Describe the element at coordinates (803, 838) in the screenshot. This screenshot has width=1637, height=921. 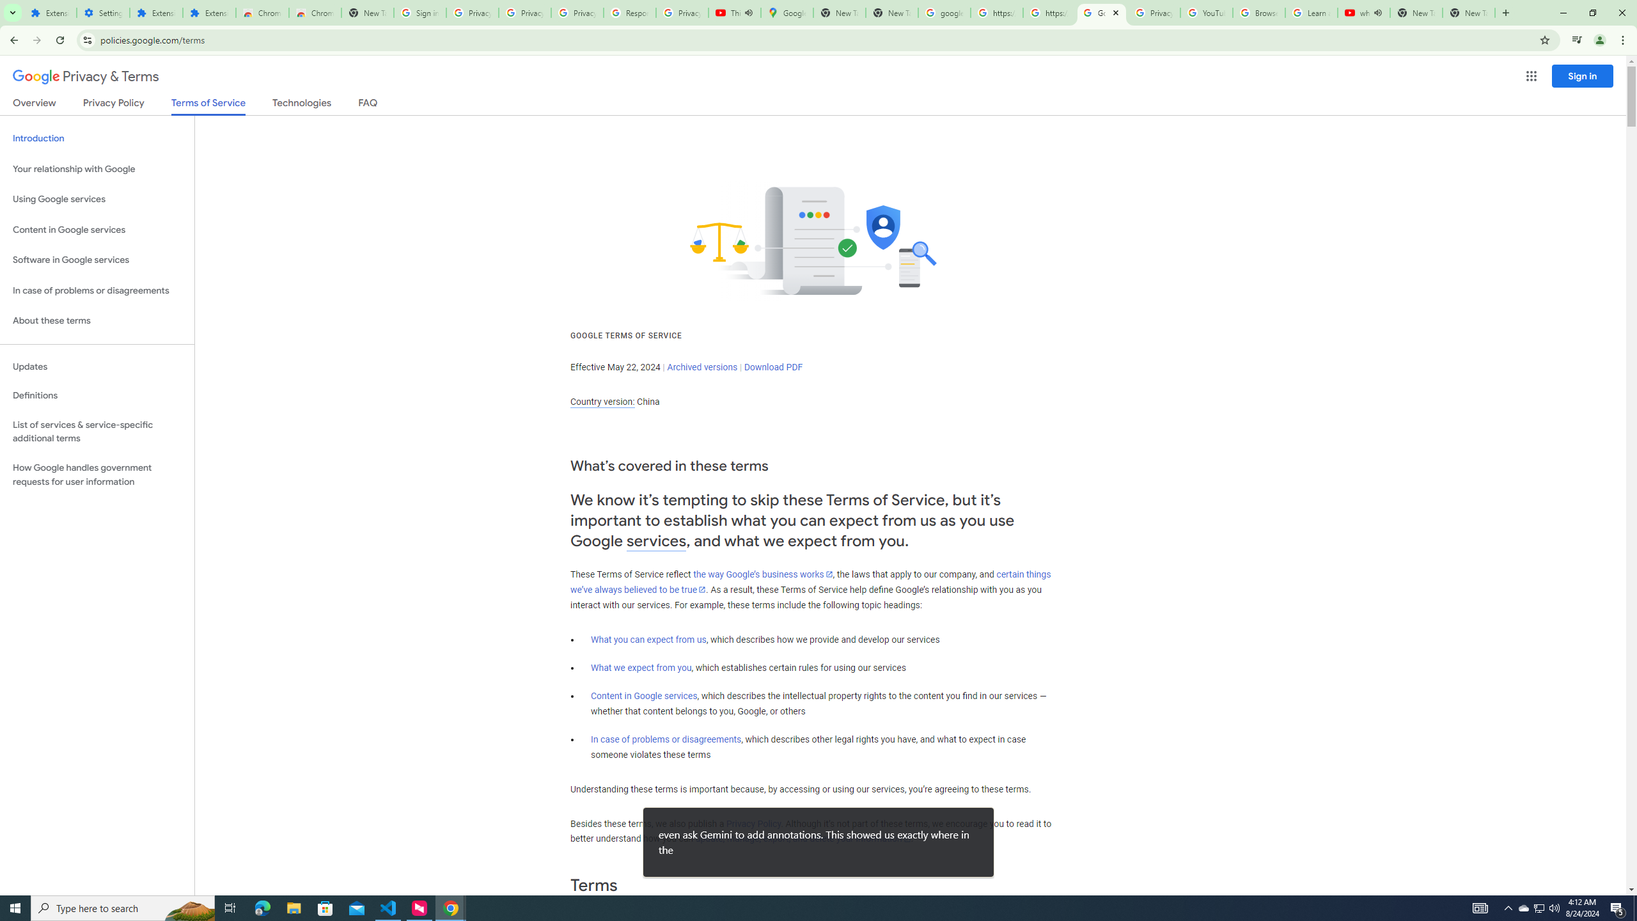
I see `'update, manage, export, and delete your information'` at that location.